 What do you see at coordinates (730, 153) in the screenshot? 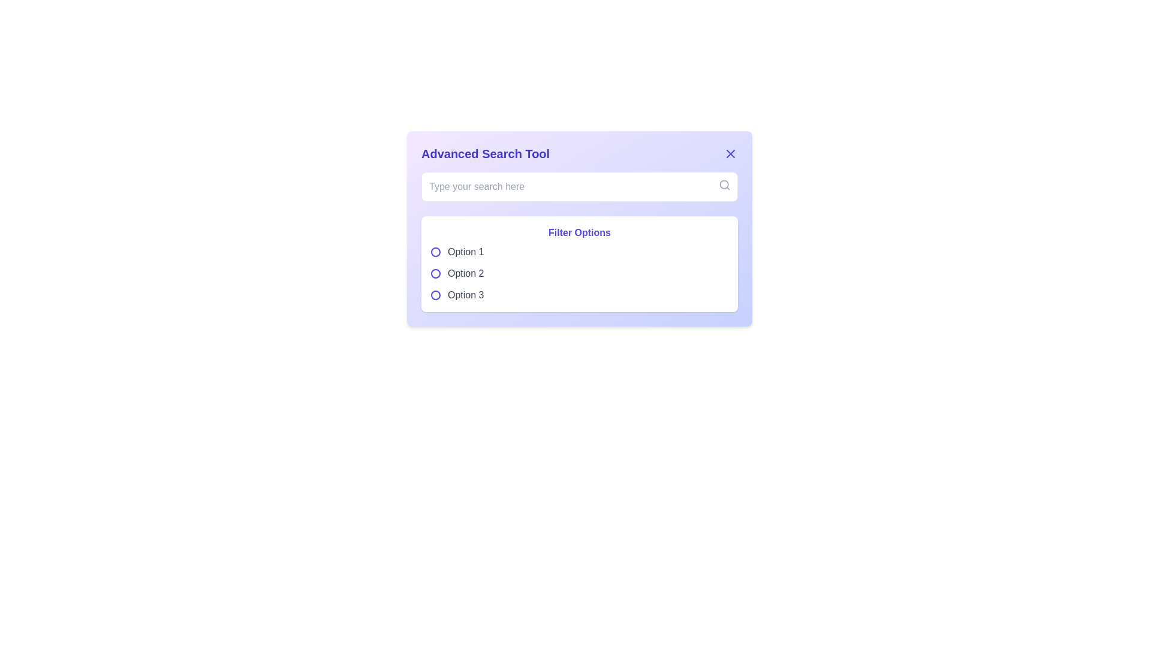
I see `the toggle or close button located in the top-right region of the 'Advanced Search Tool' interface` at bounding box center [730, 153].